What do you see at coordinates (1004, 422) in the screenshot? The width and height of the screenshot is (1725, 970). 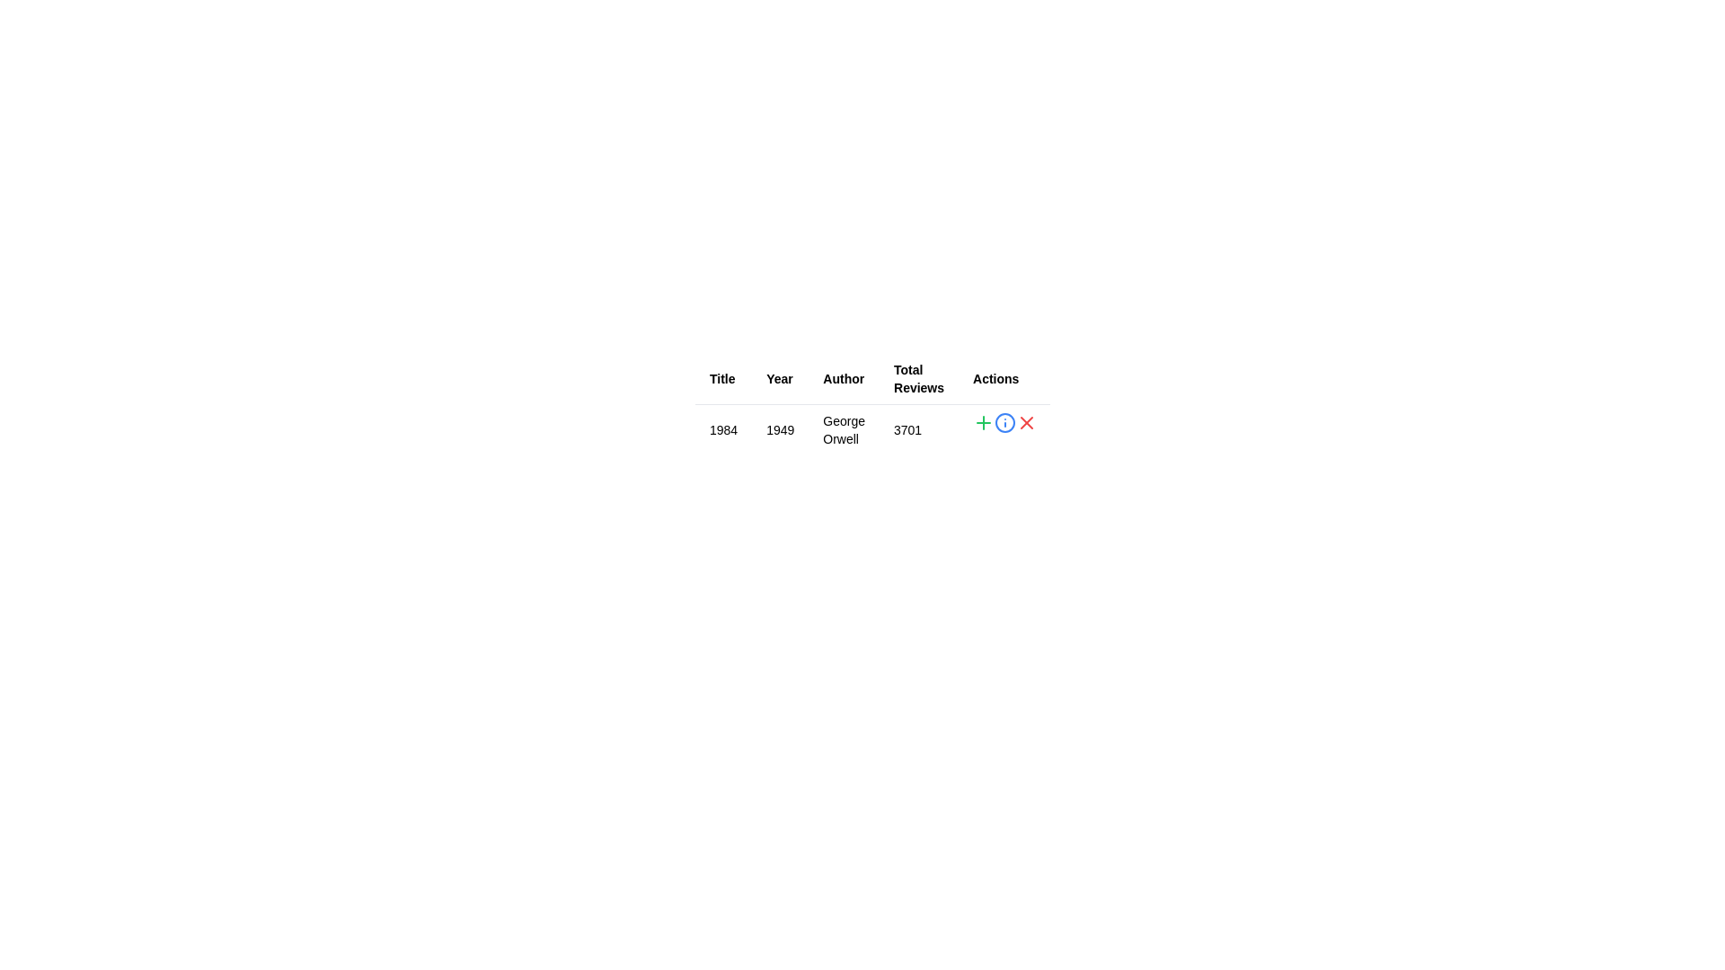 I see `the blue circle button representing the 'Info' function in the Actions column for the book '1984' by George Orwell` at bounding box center [1004, 422].